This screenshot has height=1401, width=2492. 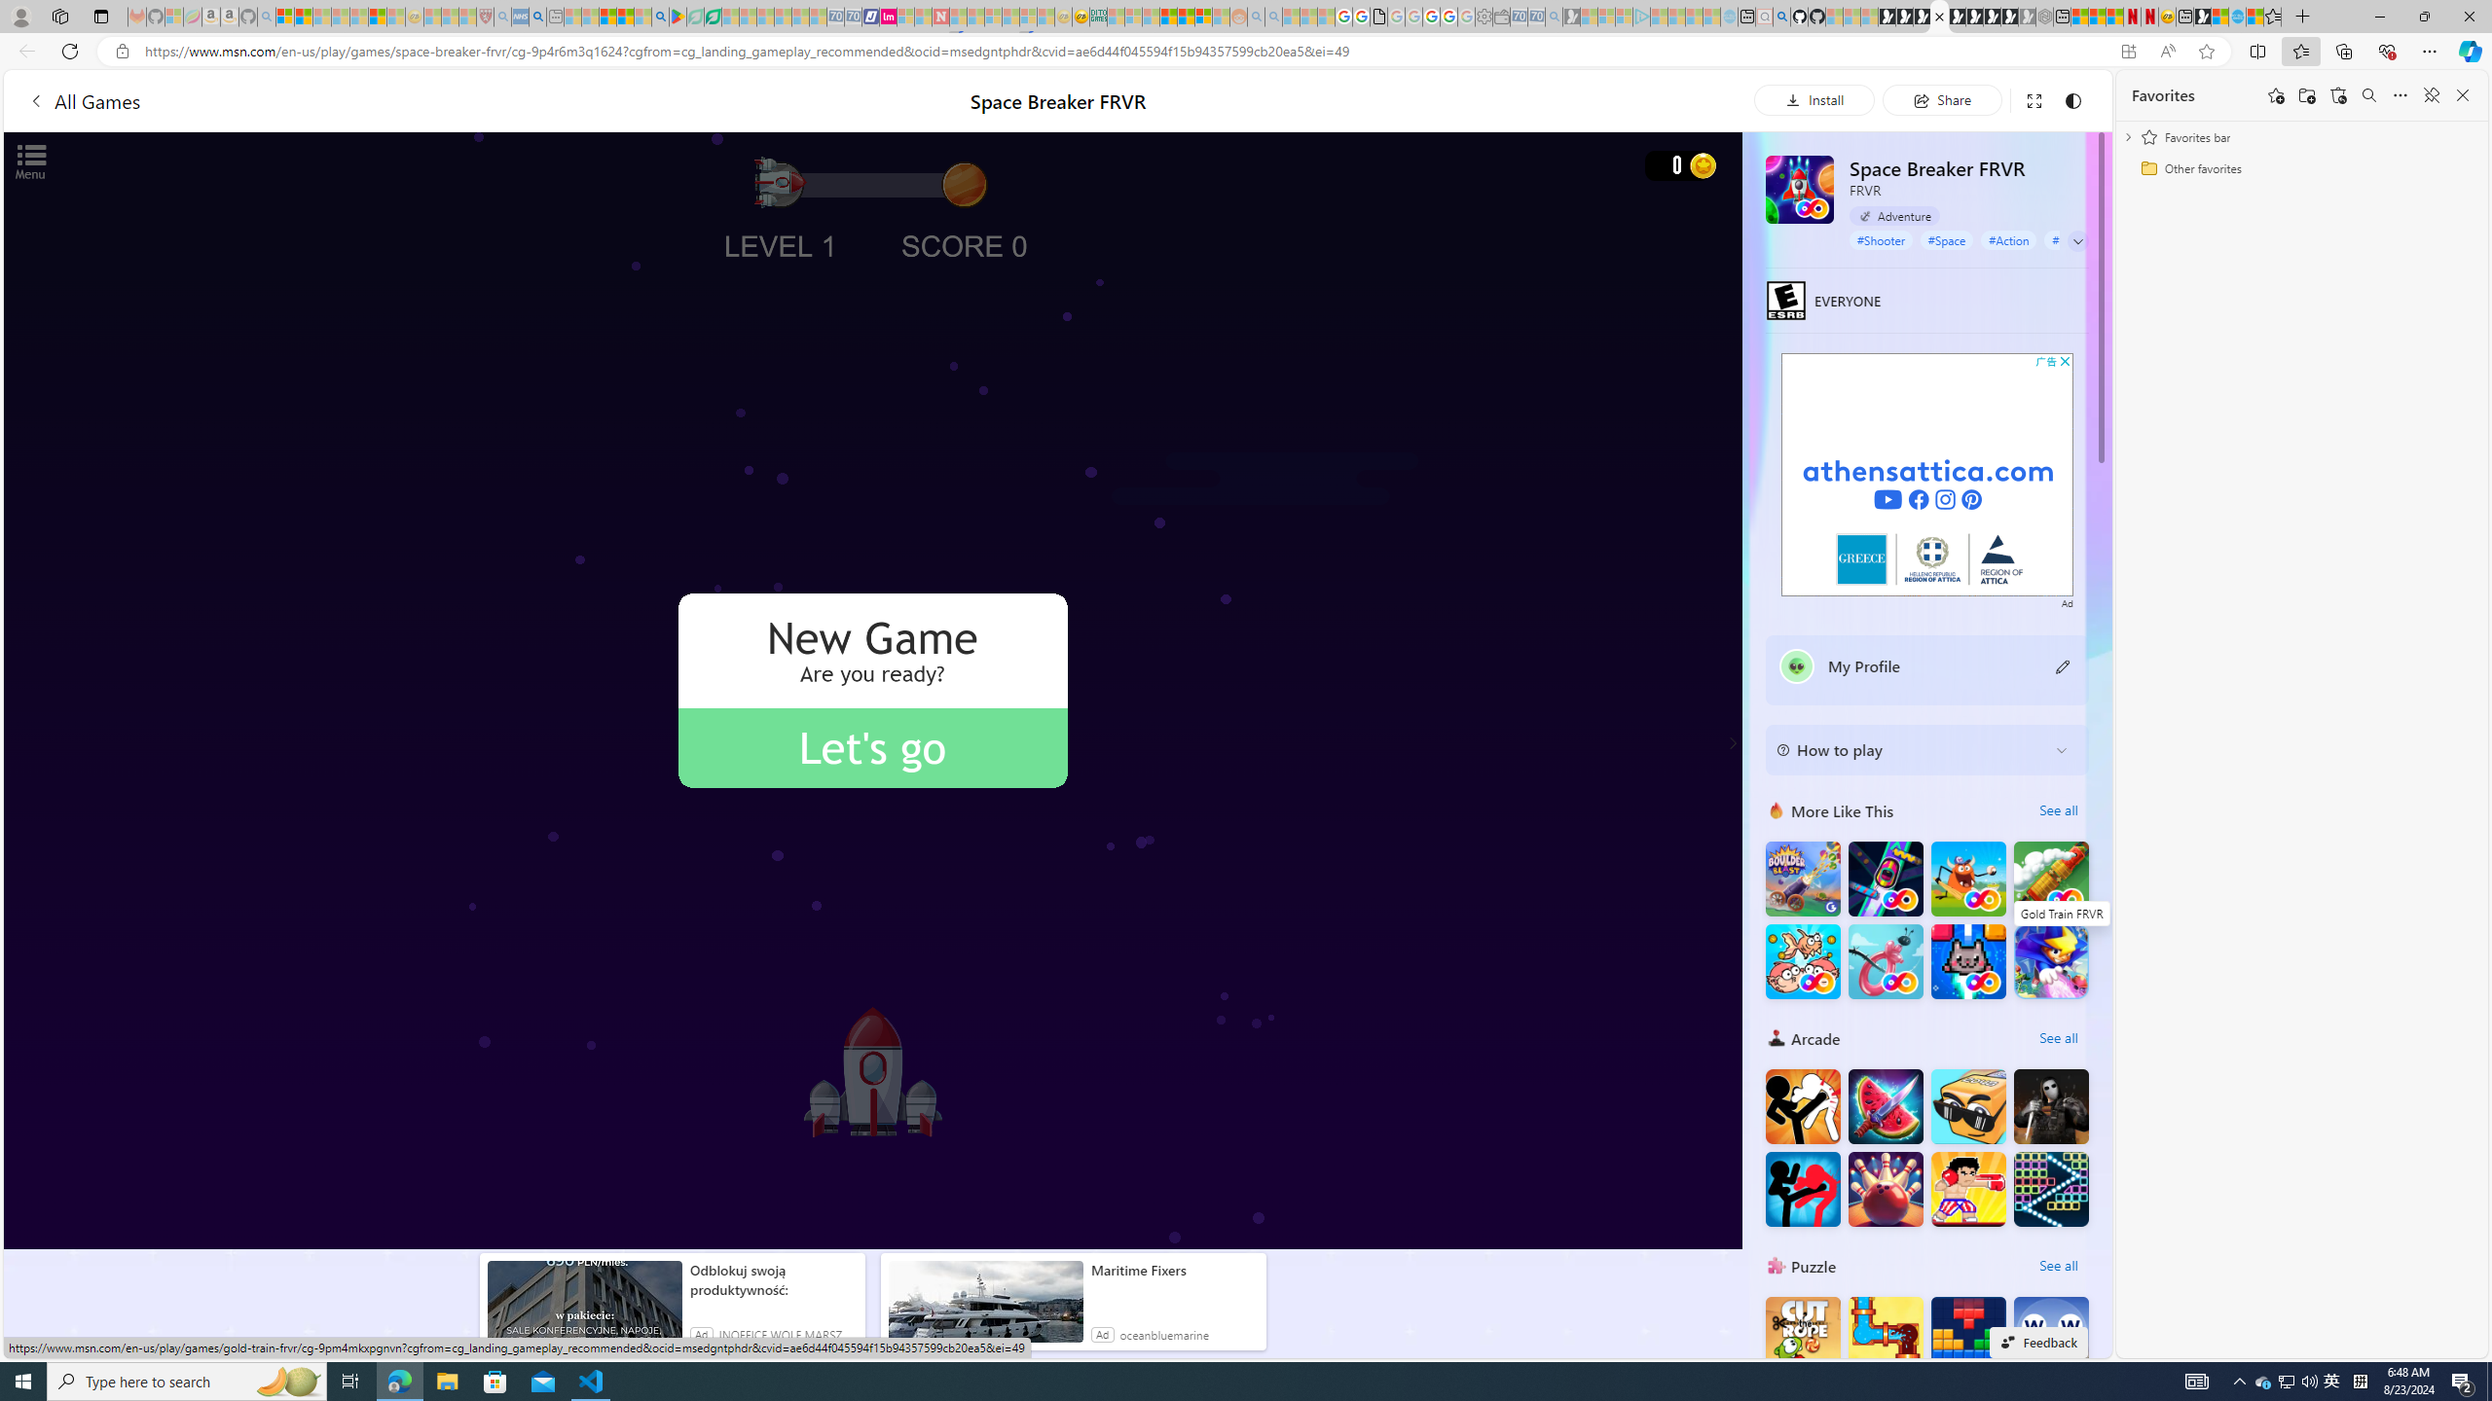 What do you see at coordinates (2051, 1104) in the screenshot?
I see `'Hunter Hitman'` at bounding box center [2051, 1104].